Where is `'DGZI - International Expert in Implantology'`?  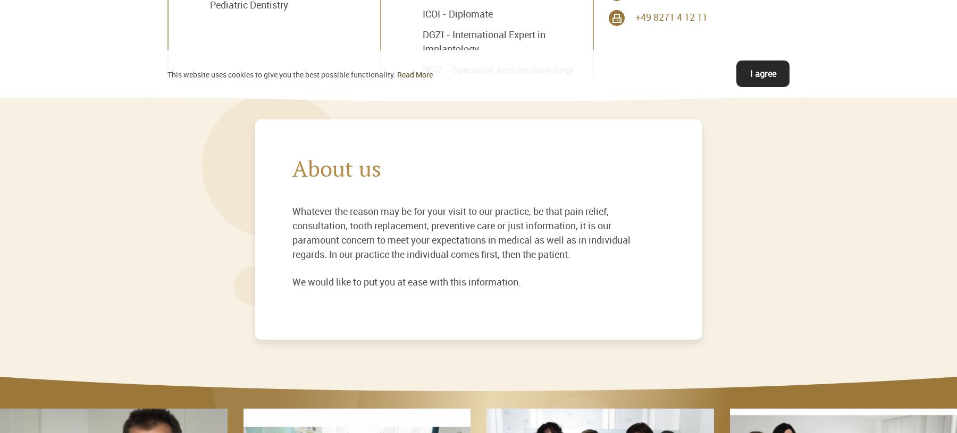 'DGZI - International Expert in Implantology' is located at coordinates (483, 40).